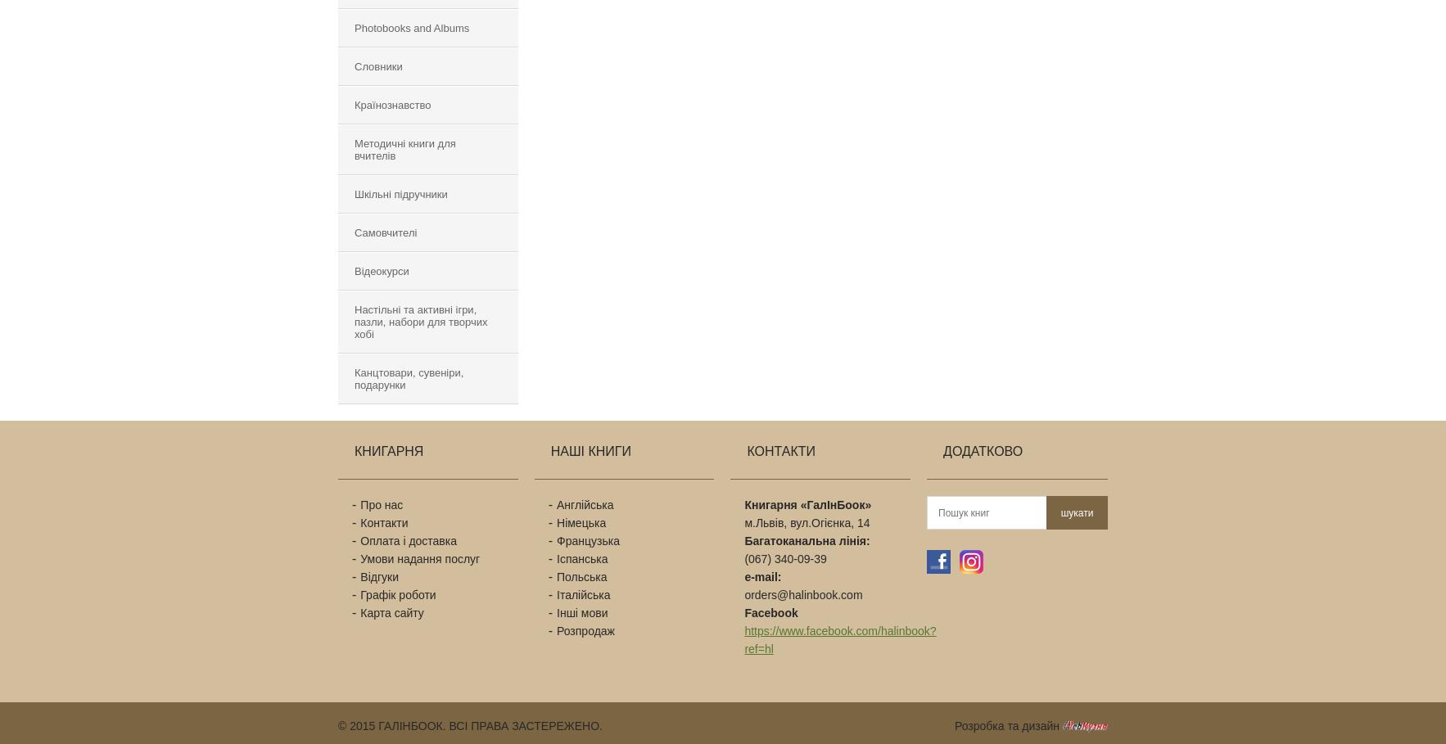  I want to click on 'https://www.facebook.com/halinbook?ref=hl', so click(839, 639).